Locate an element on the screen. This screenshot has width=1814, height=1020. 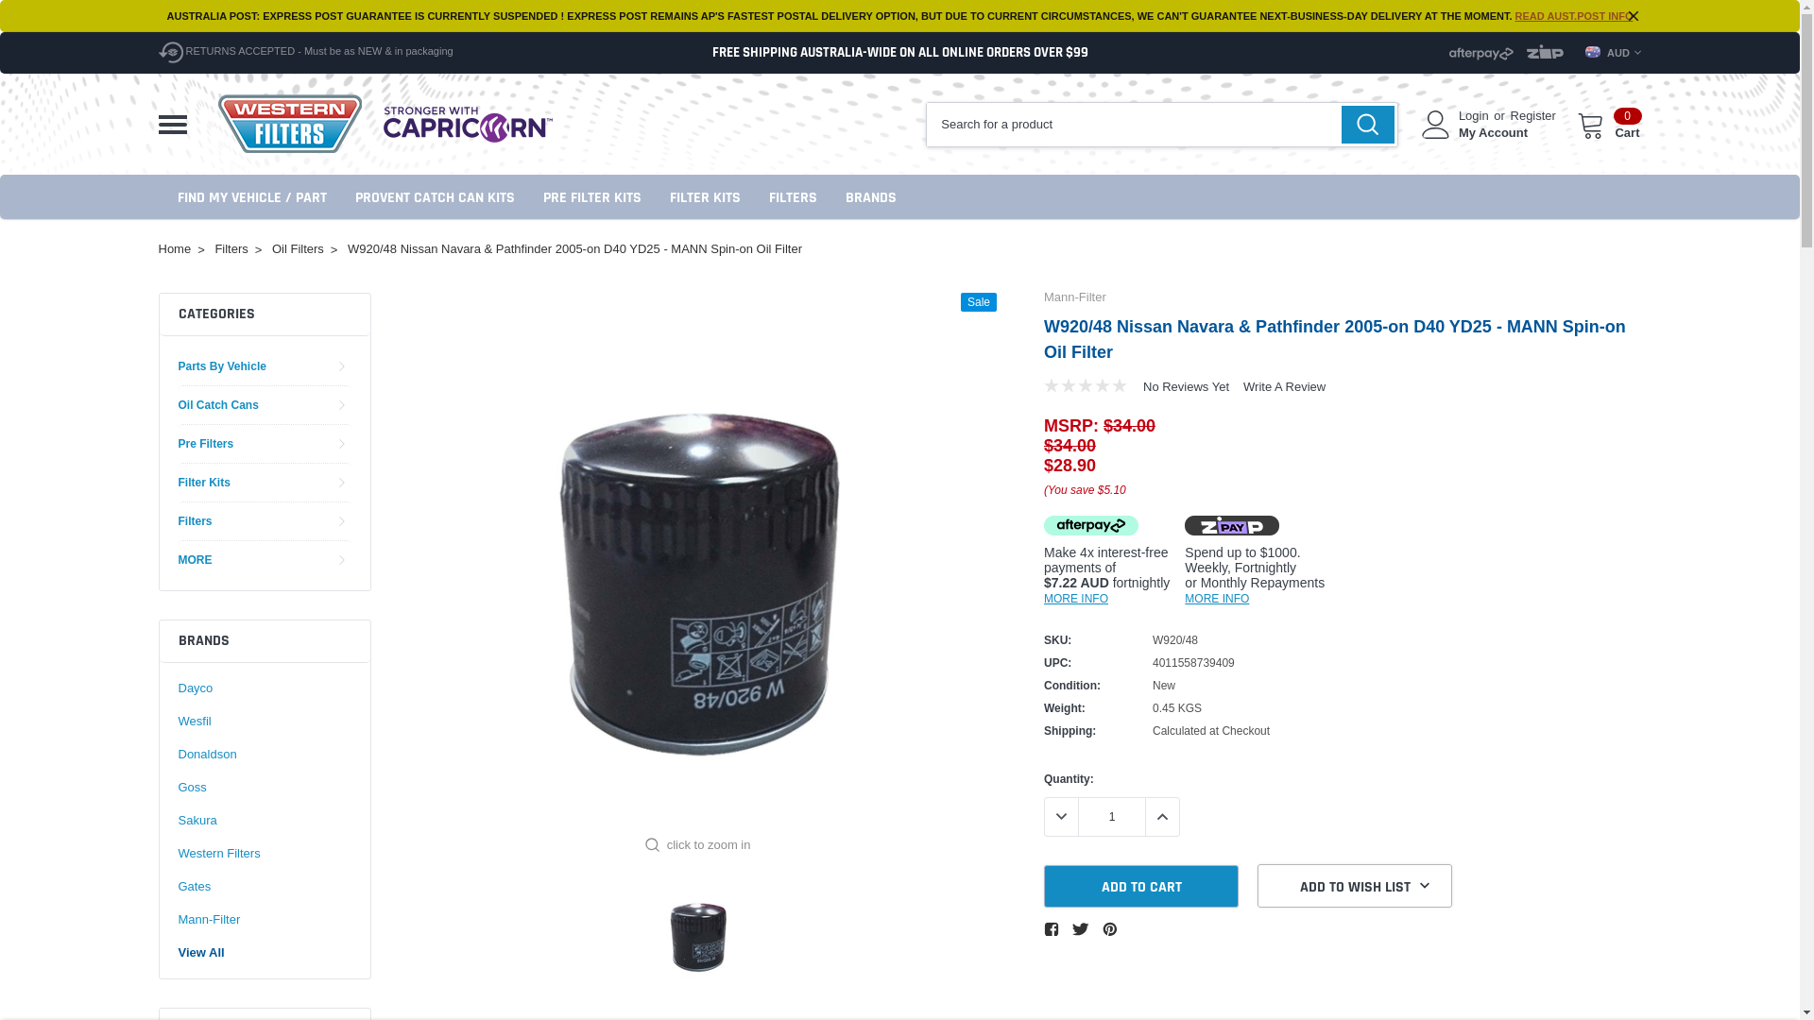
'FILTER KITS' is located at coordinates (703, 196).